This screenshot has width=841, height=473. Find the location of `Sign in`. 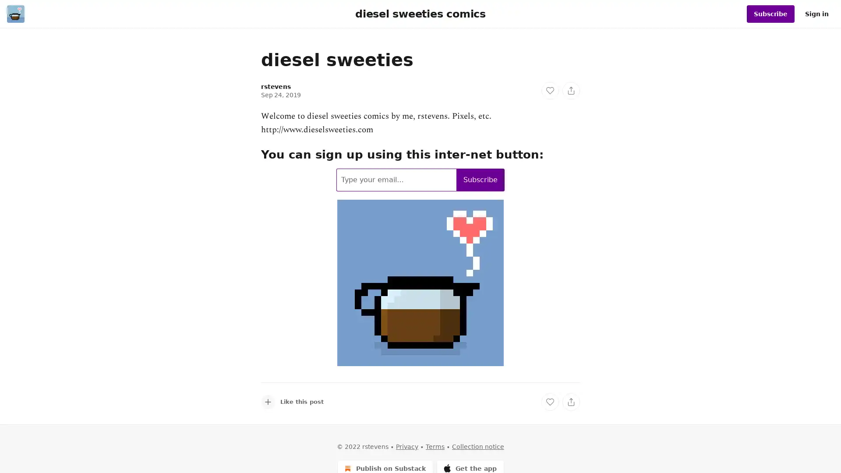

Sign in is located at coordinates (816, 14).